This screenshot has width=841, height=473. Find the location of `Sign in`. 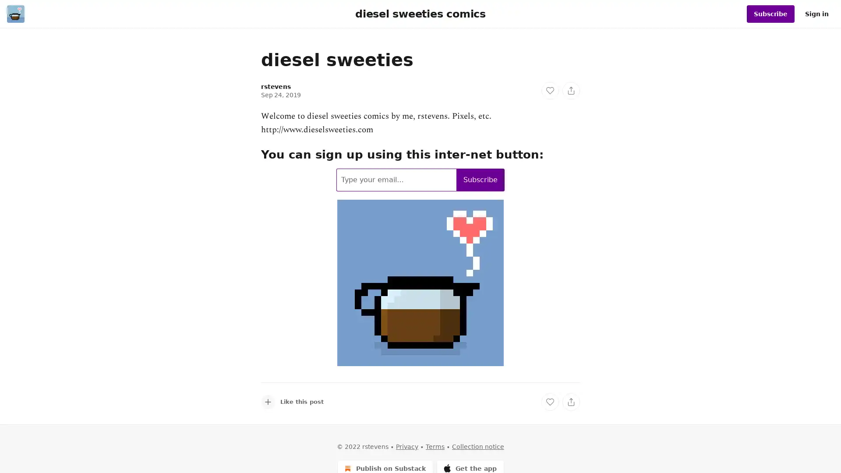

Sign in is located at coordinates (816, 14).